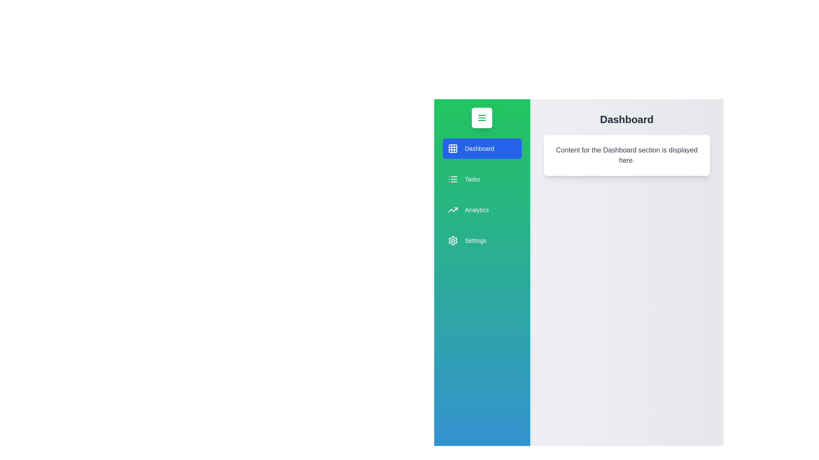  Describe the element at coordinates (482, 178) in the screenshot. I see `the Tasks tab` at that location.